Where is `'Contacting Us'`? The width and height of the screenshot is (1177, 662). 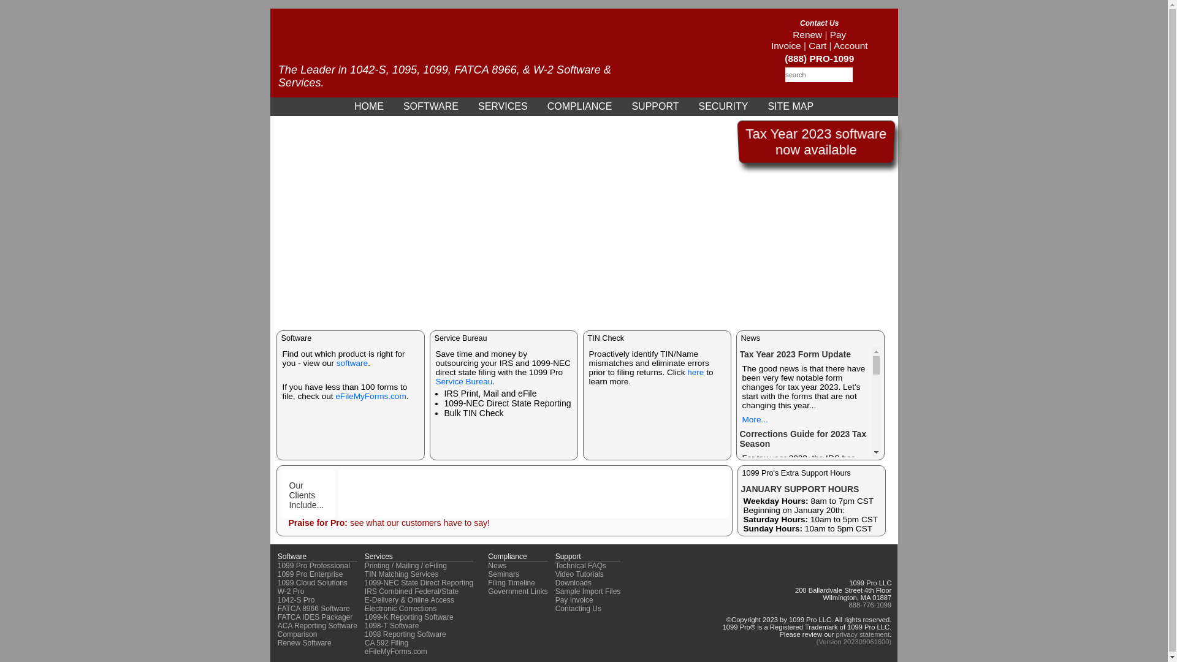
'Contacting Us' is located at coordinates (577, 608).